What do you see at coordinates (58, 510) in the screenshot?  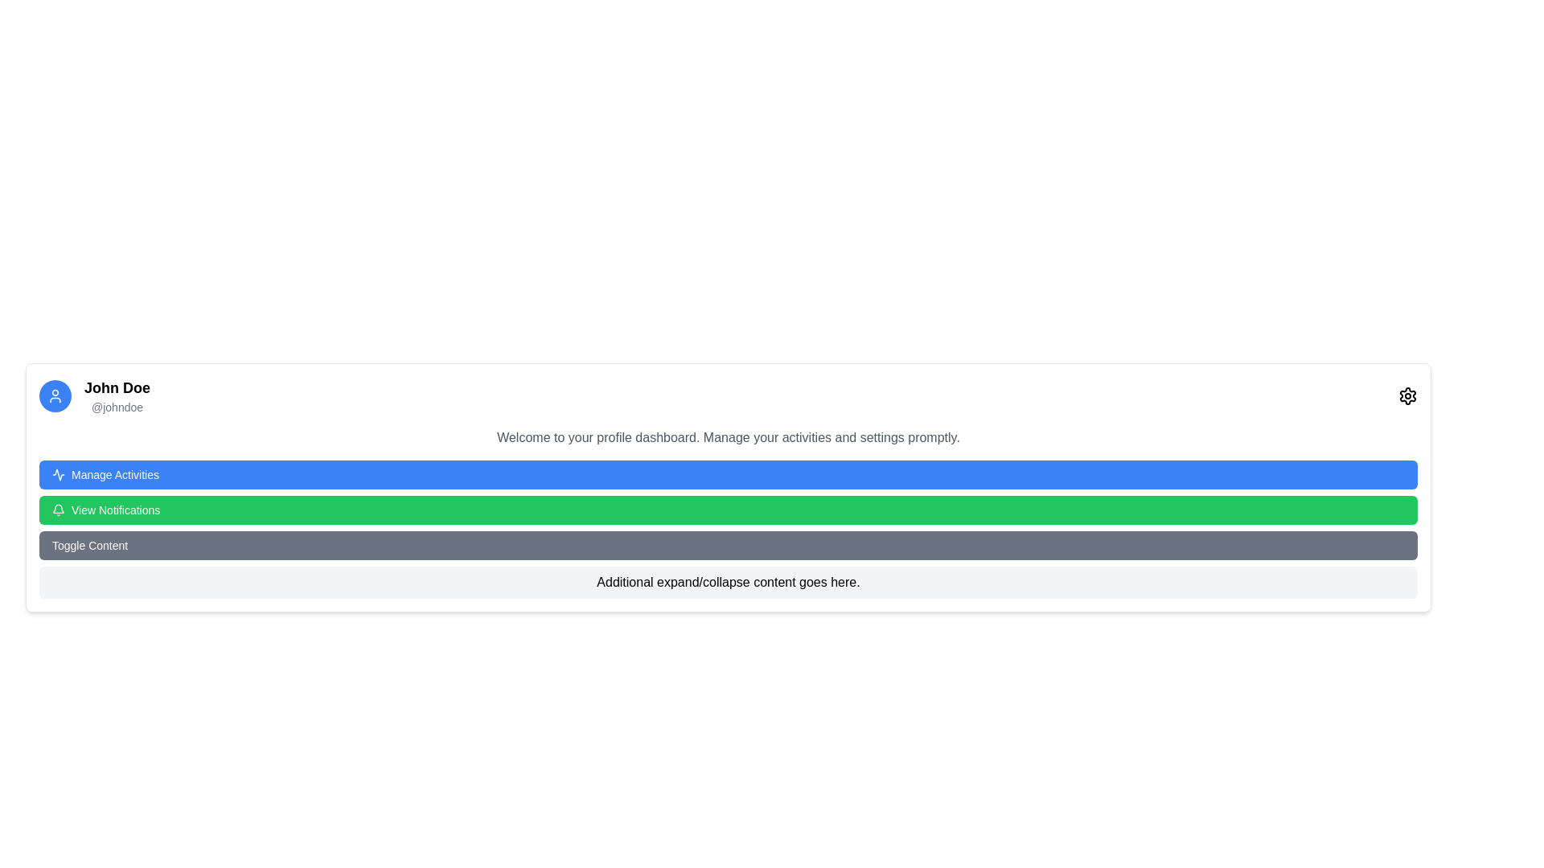 I see `the bell-shaped notification icon located on the left side of the green button labeled 'View Notifications'` at bounding box center [58, 510].